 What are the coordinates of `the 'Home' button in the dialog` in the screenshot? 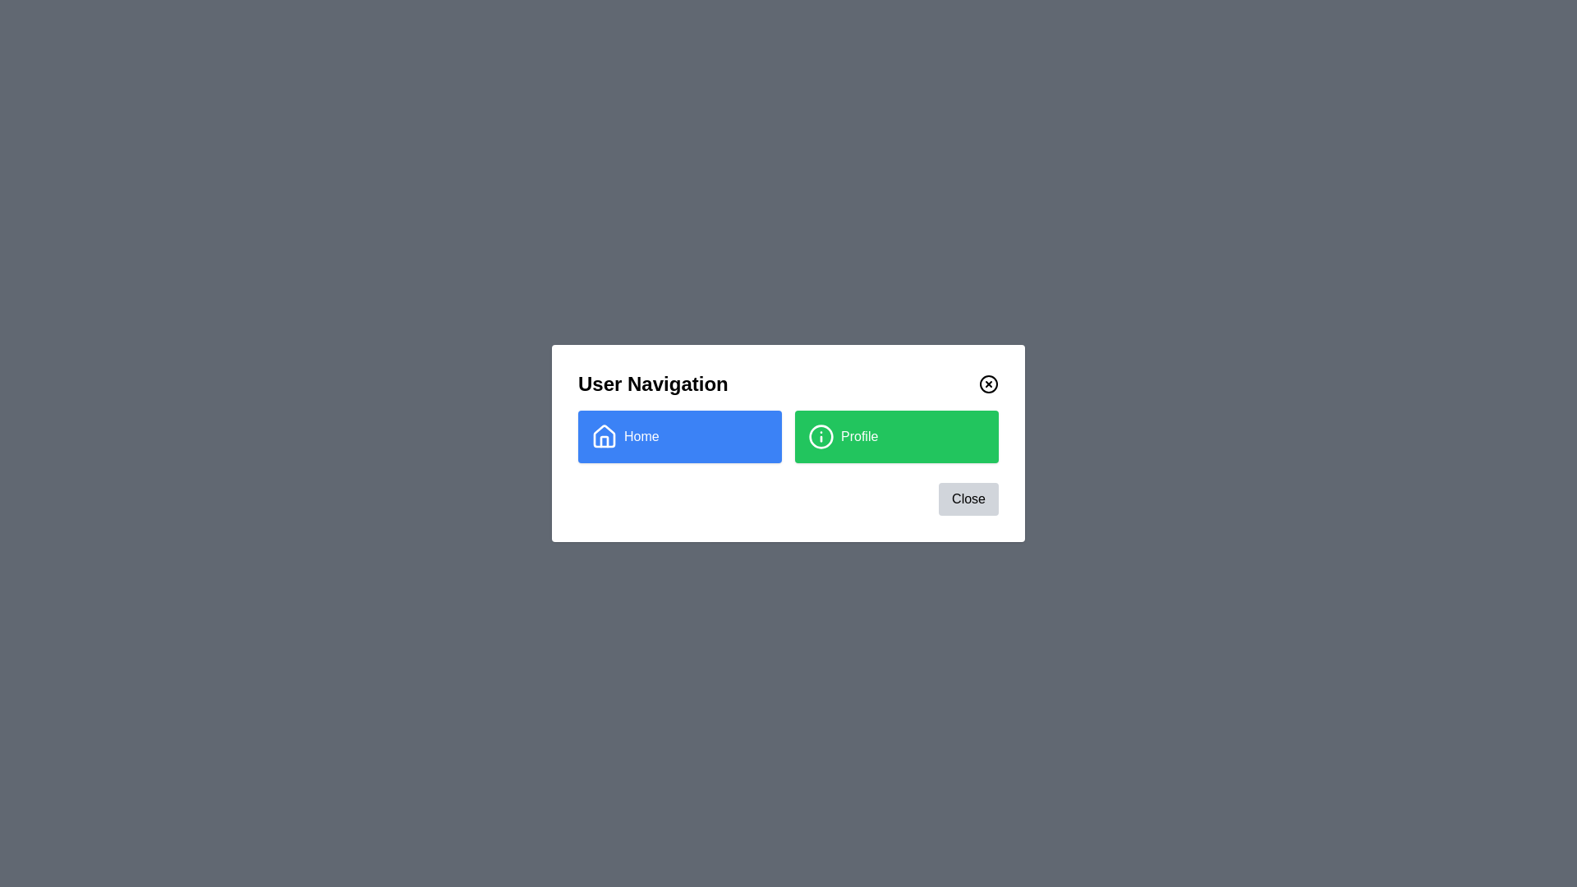 It's located at (680, 436).